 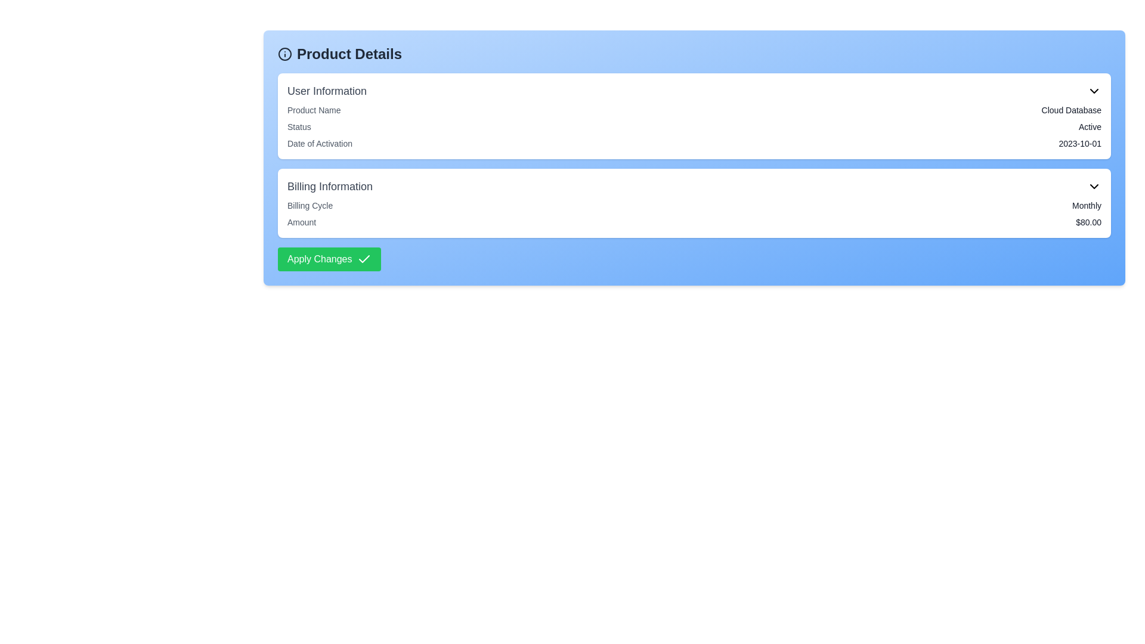 I want to click on the 'activity status' text label located in the 'Status' row under 'User Information', so click(x=1090, y=126).